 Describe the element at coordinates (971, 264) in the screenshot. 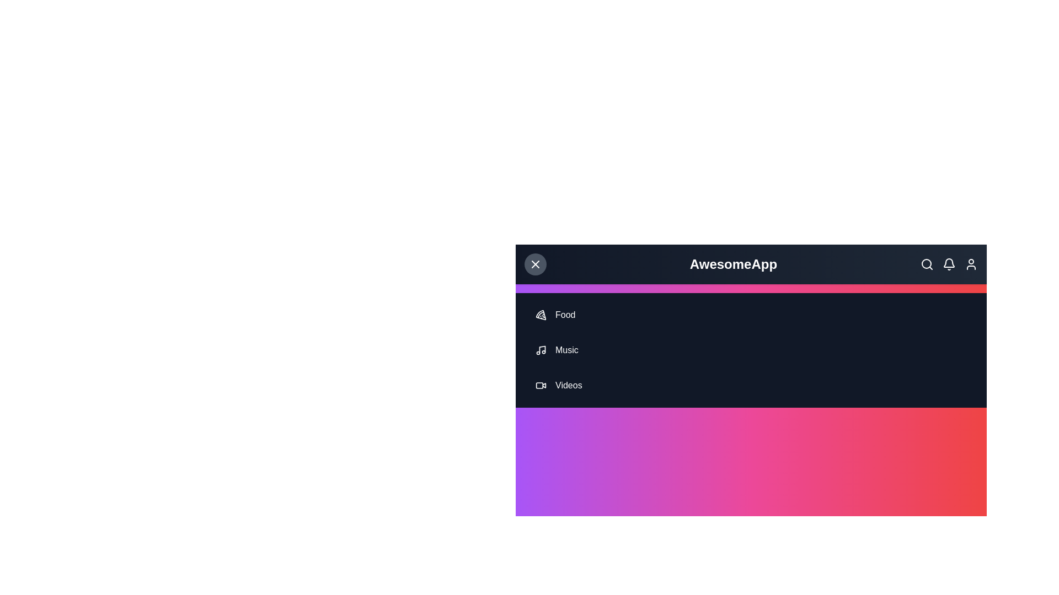

I see `the user profile icon located at the top right corner of the app bar` at that location.